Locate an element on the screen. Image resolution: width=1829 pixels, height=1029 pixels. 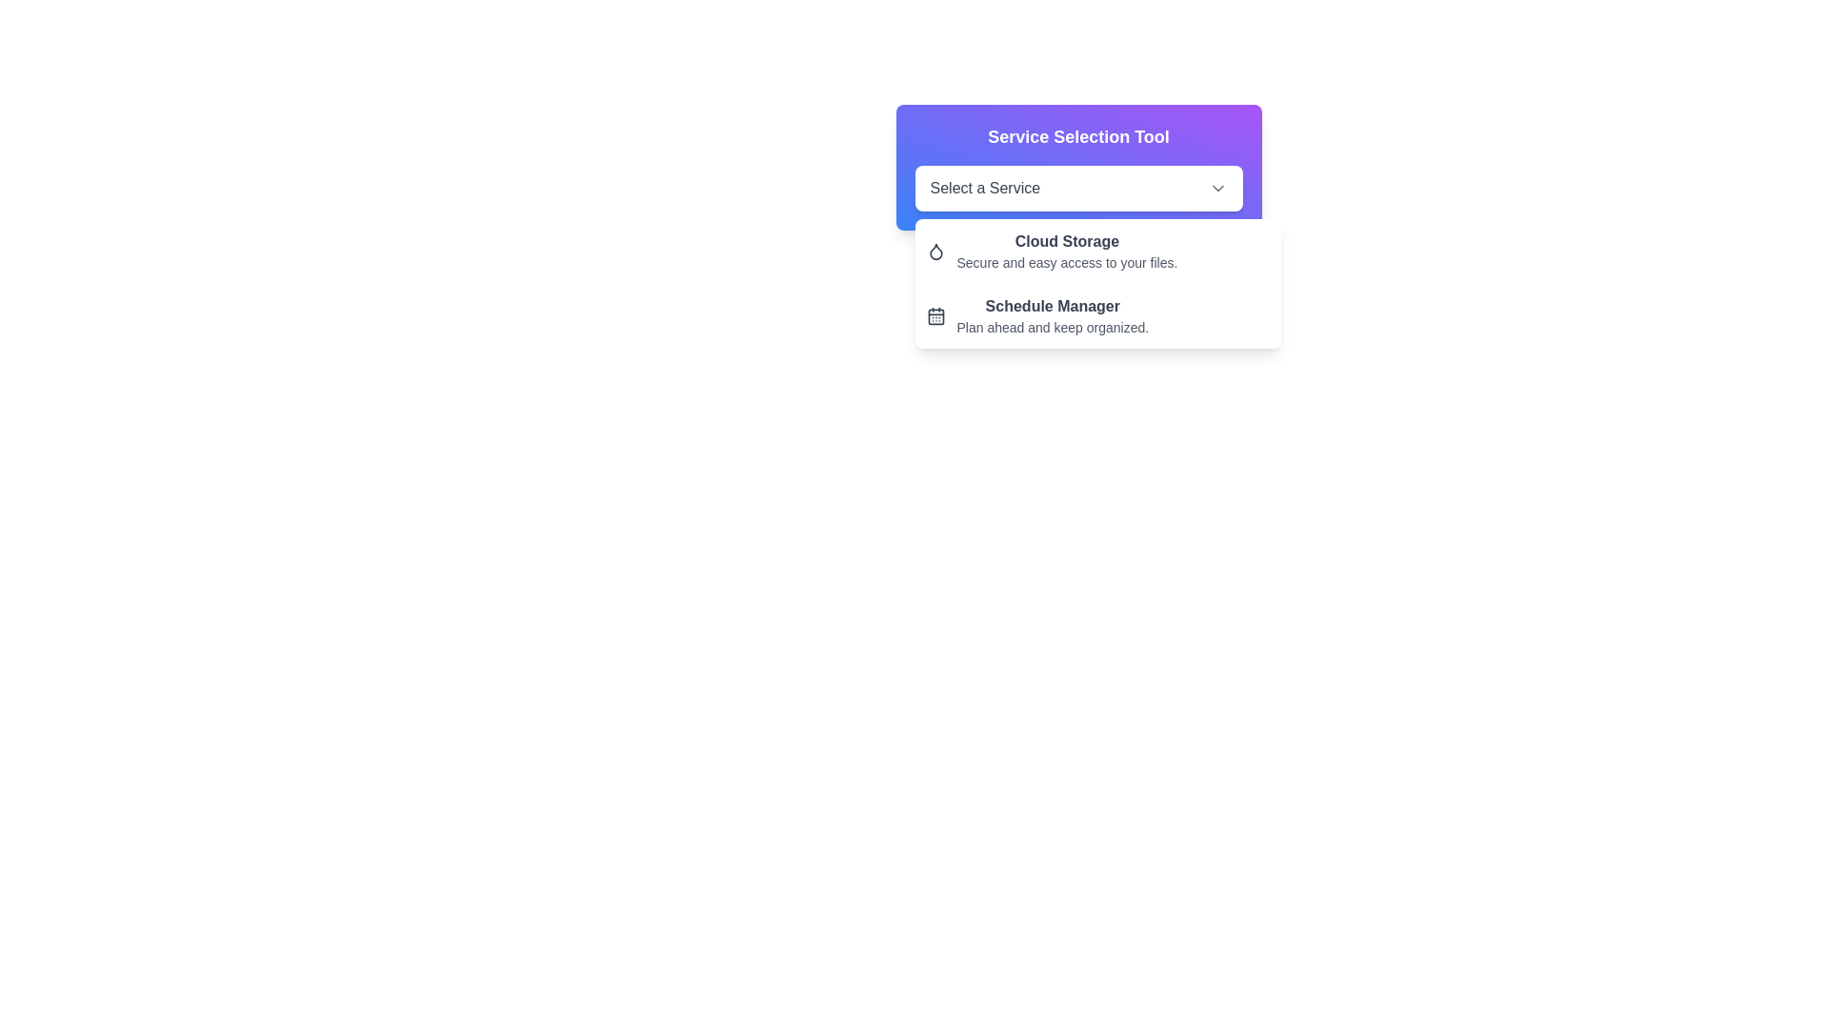
the gray downward-pointing chevron SVG icon located in the top-right corner of the 'Select a Service' dropdown area is located at coordinates (1216, 188).